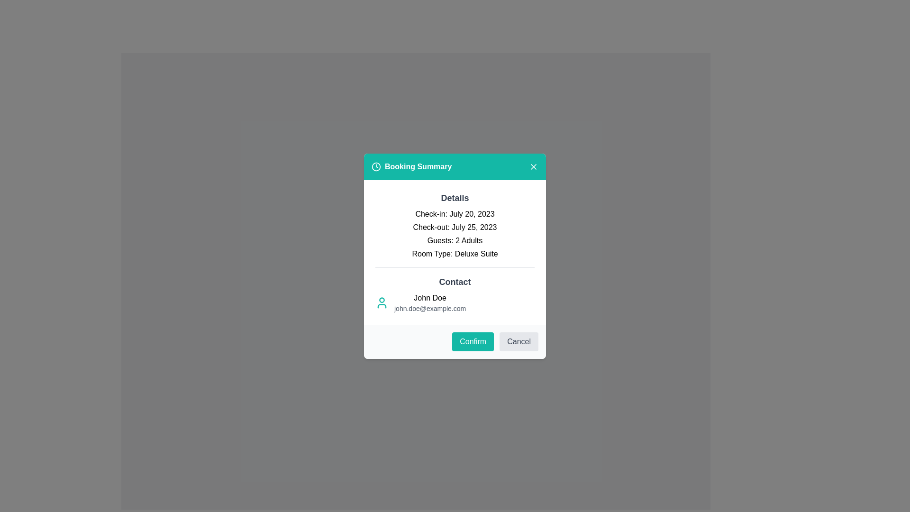 The width and height of the screenshot is (910, 512). What do you see at coordinates (455, 227) in the screenshot?
I see `the check-out date label in the 'Booking Summary' modal, which is the second item in the vertical list under the 'Details' section` at bounding box center [455, 227].